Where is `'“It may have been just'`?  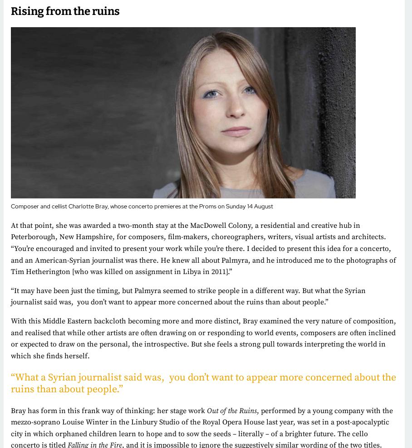
'“It may have been just' is located at coordinates (47, 290).